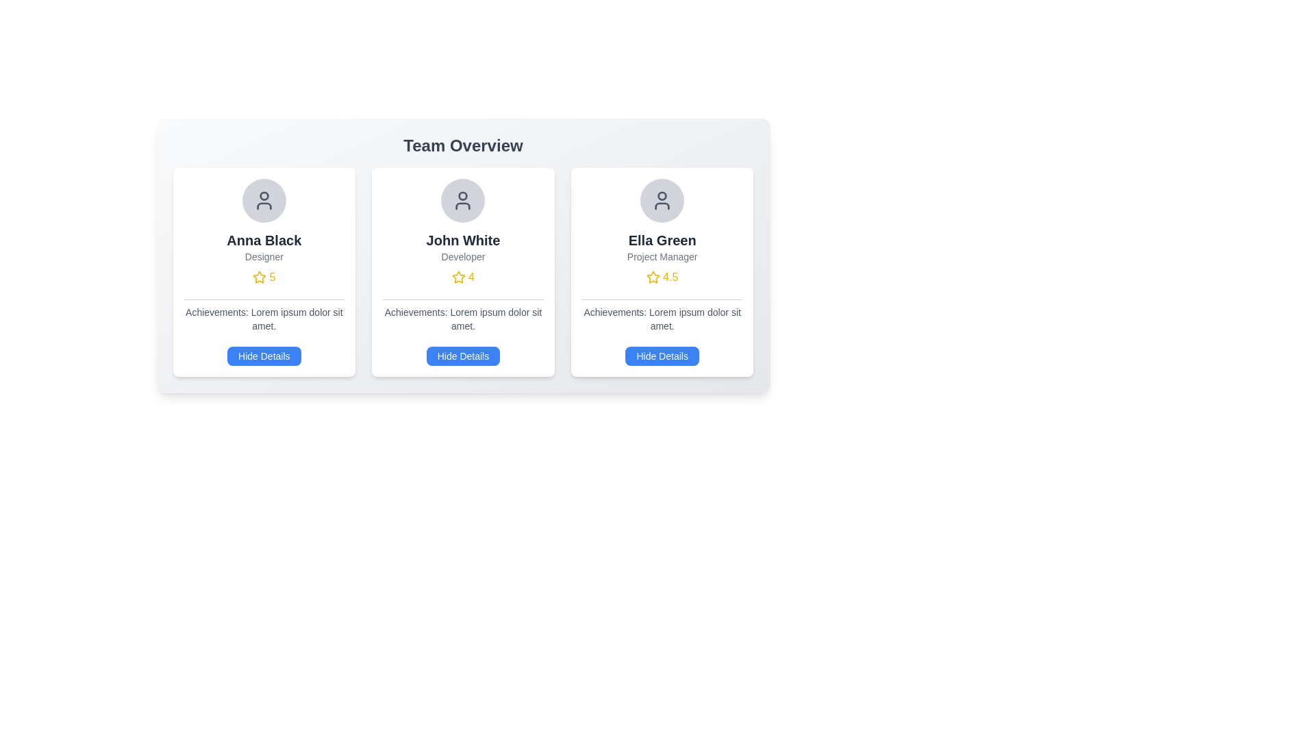  What do you see at coordinates (662, 201) in the screenshot?
I see `the user avatar representing 'Ella Green' located in the third card from the left in the 'Team Overview' section, positioned centrally at the top of the card` at bounding box center [662, 201].